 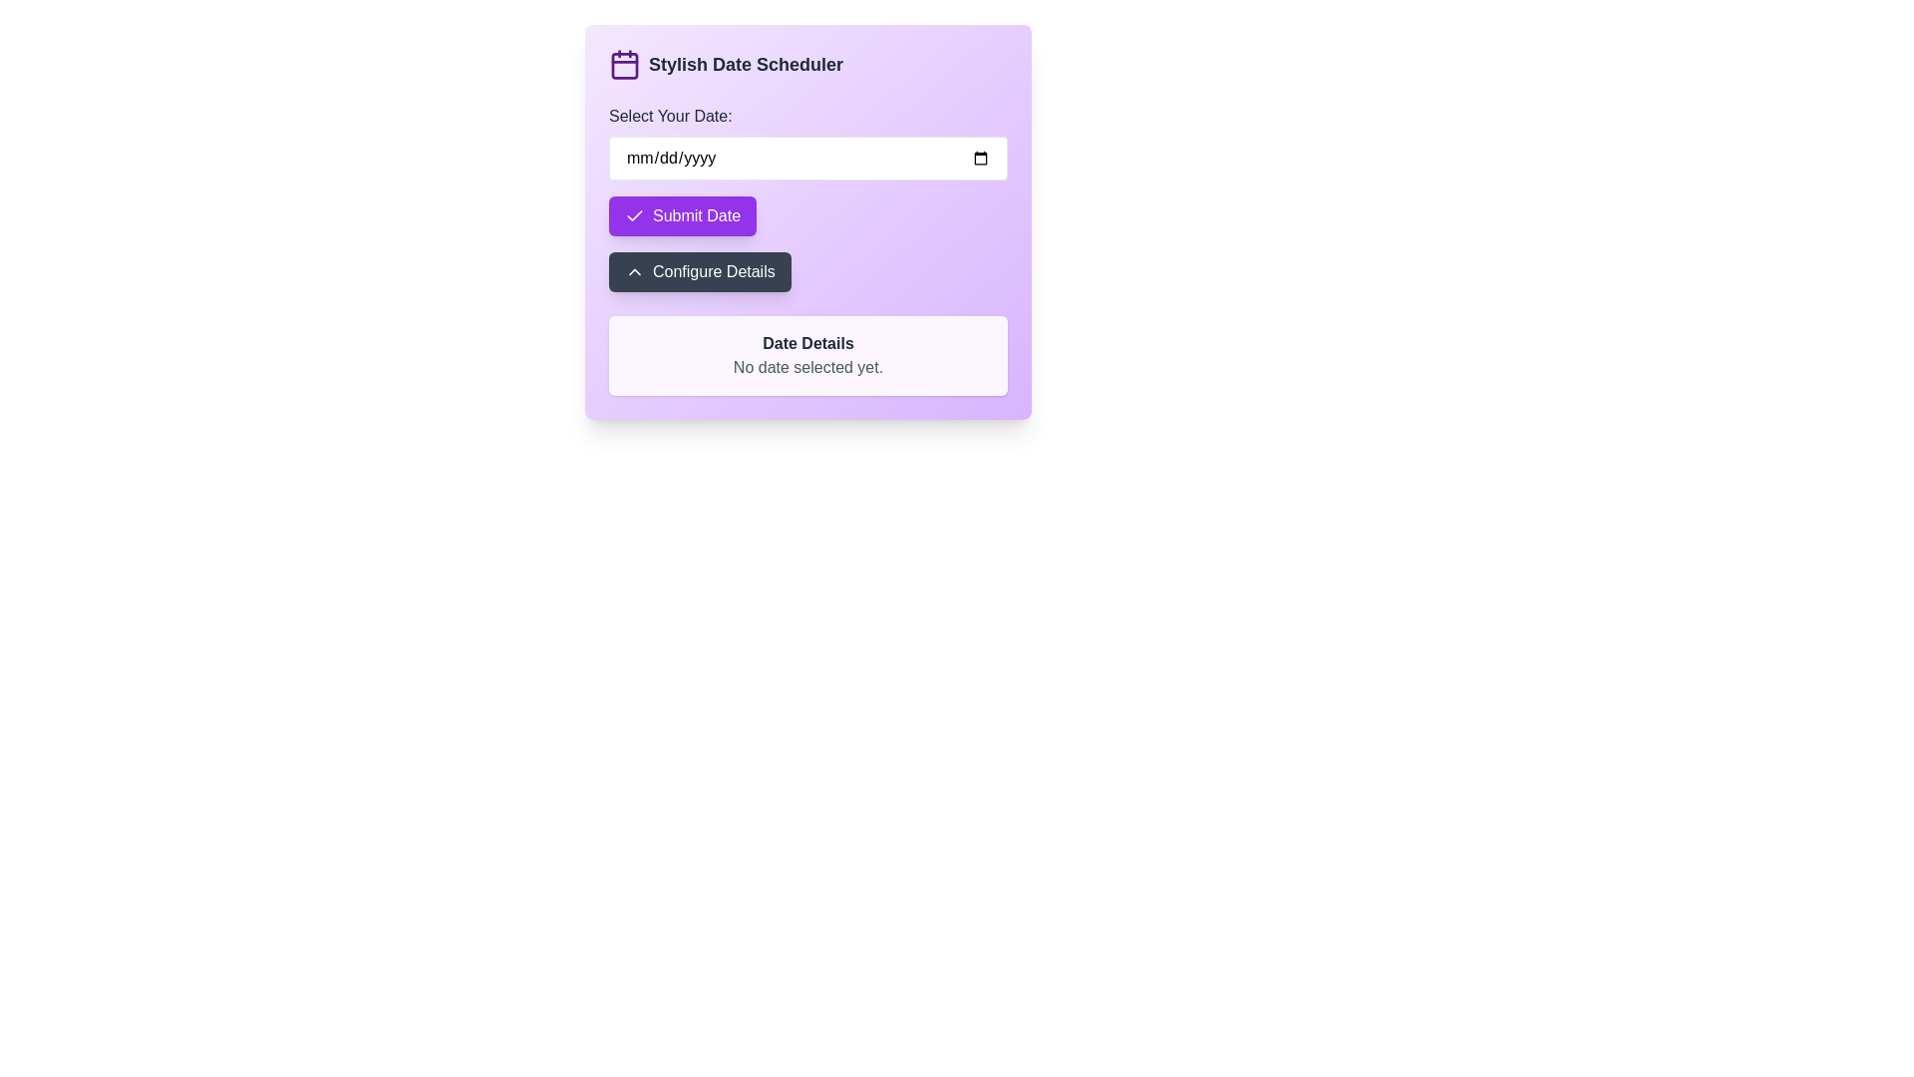 What do you see at coordinates (634, 215) in the screenshot?
I see `the visual indication of the Icon located to the left of the 'Submit Date' button text` at bounding box center [634, 215].